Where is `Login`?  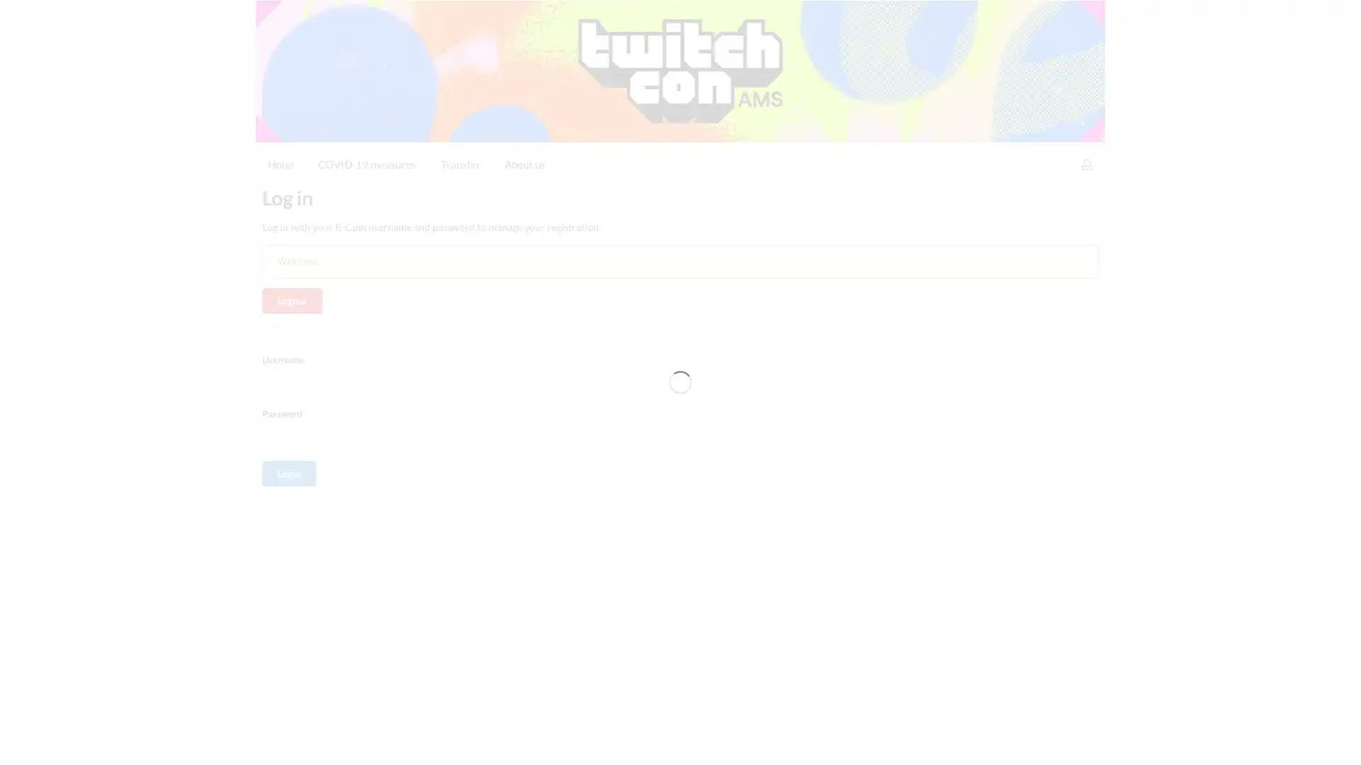
Login is located at coordinates (289, 364).